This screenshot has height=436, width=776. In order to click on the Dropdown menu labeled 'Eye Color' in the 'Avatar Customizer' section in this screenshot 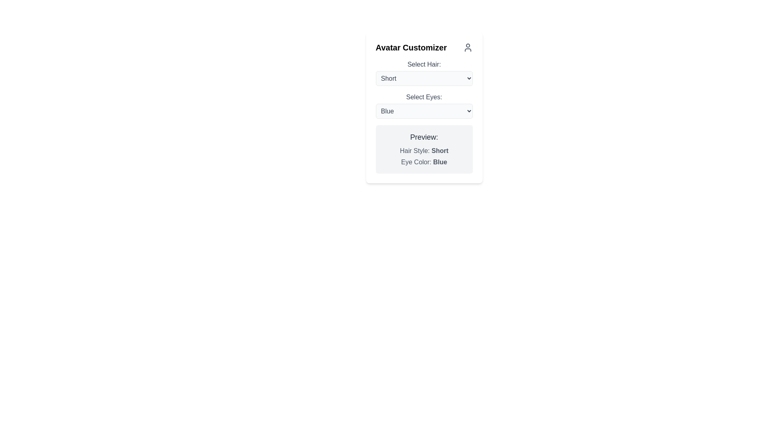, I will do `click(424, 105)`.